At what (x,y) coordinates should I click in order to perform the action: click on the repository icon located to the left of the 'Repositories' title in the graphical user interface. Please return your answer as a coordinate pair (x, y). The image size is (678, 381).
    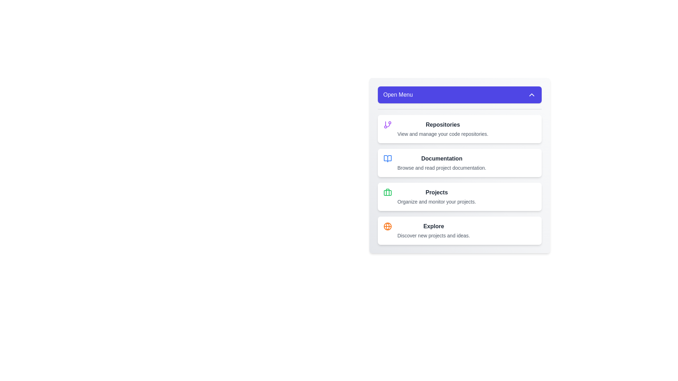
    Looking at the image, I should click on (387, 125).